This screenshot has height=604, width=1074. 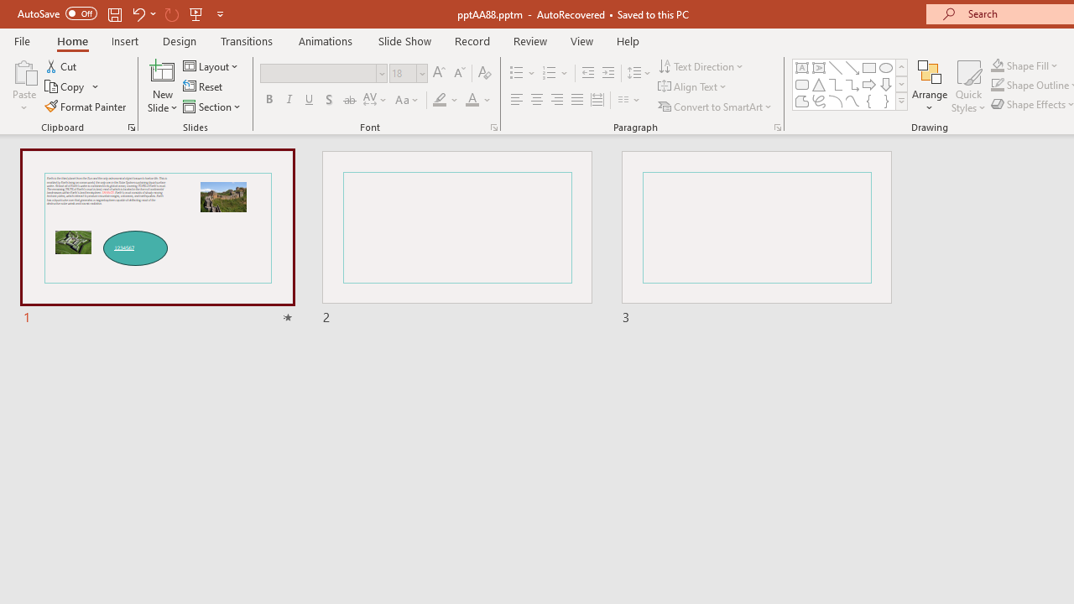 I want to click on 'AutoSave', so click(x=57, y=13).